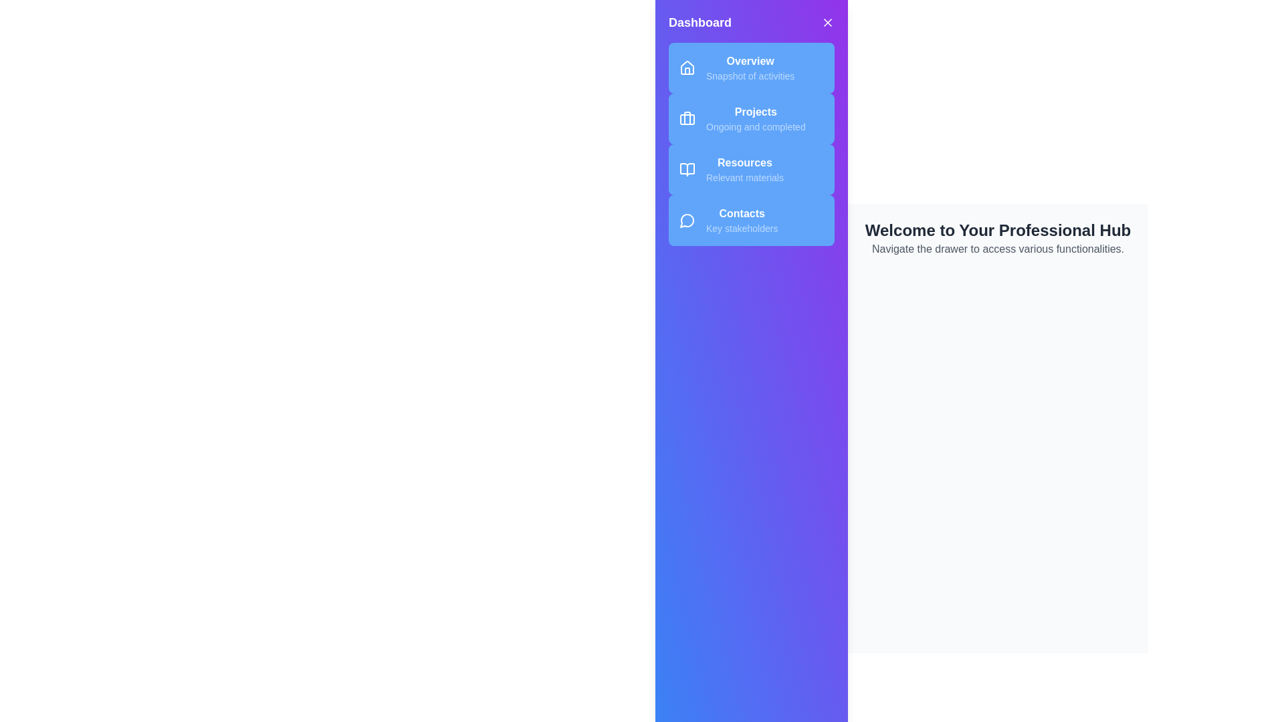 Image resolution: width=1284 pixels, height=722 pixels. Describe the element at coordinates (751, 220) in the screenshot. I see `the menu item labeled Contacts to observe its hover effect` at that location.